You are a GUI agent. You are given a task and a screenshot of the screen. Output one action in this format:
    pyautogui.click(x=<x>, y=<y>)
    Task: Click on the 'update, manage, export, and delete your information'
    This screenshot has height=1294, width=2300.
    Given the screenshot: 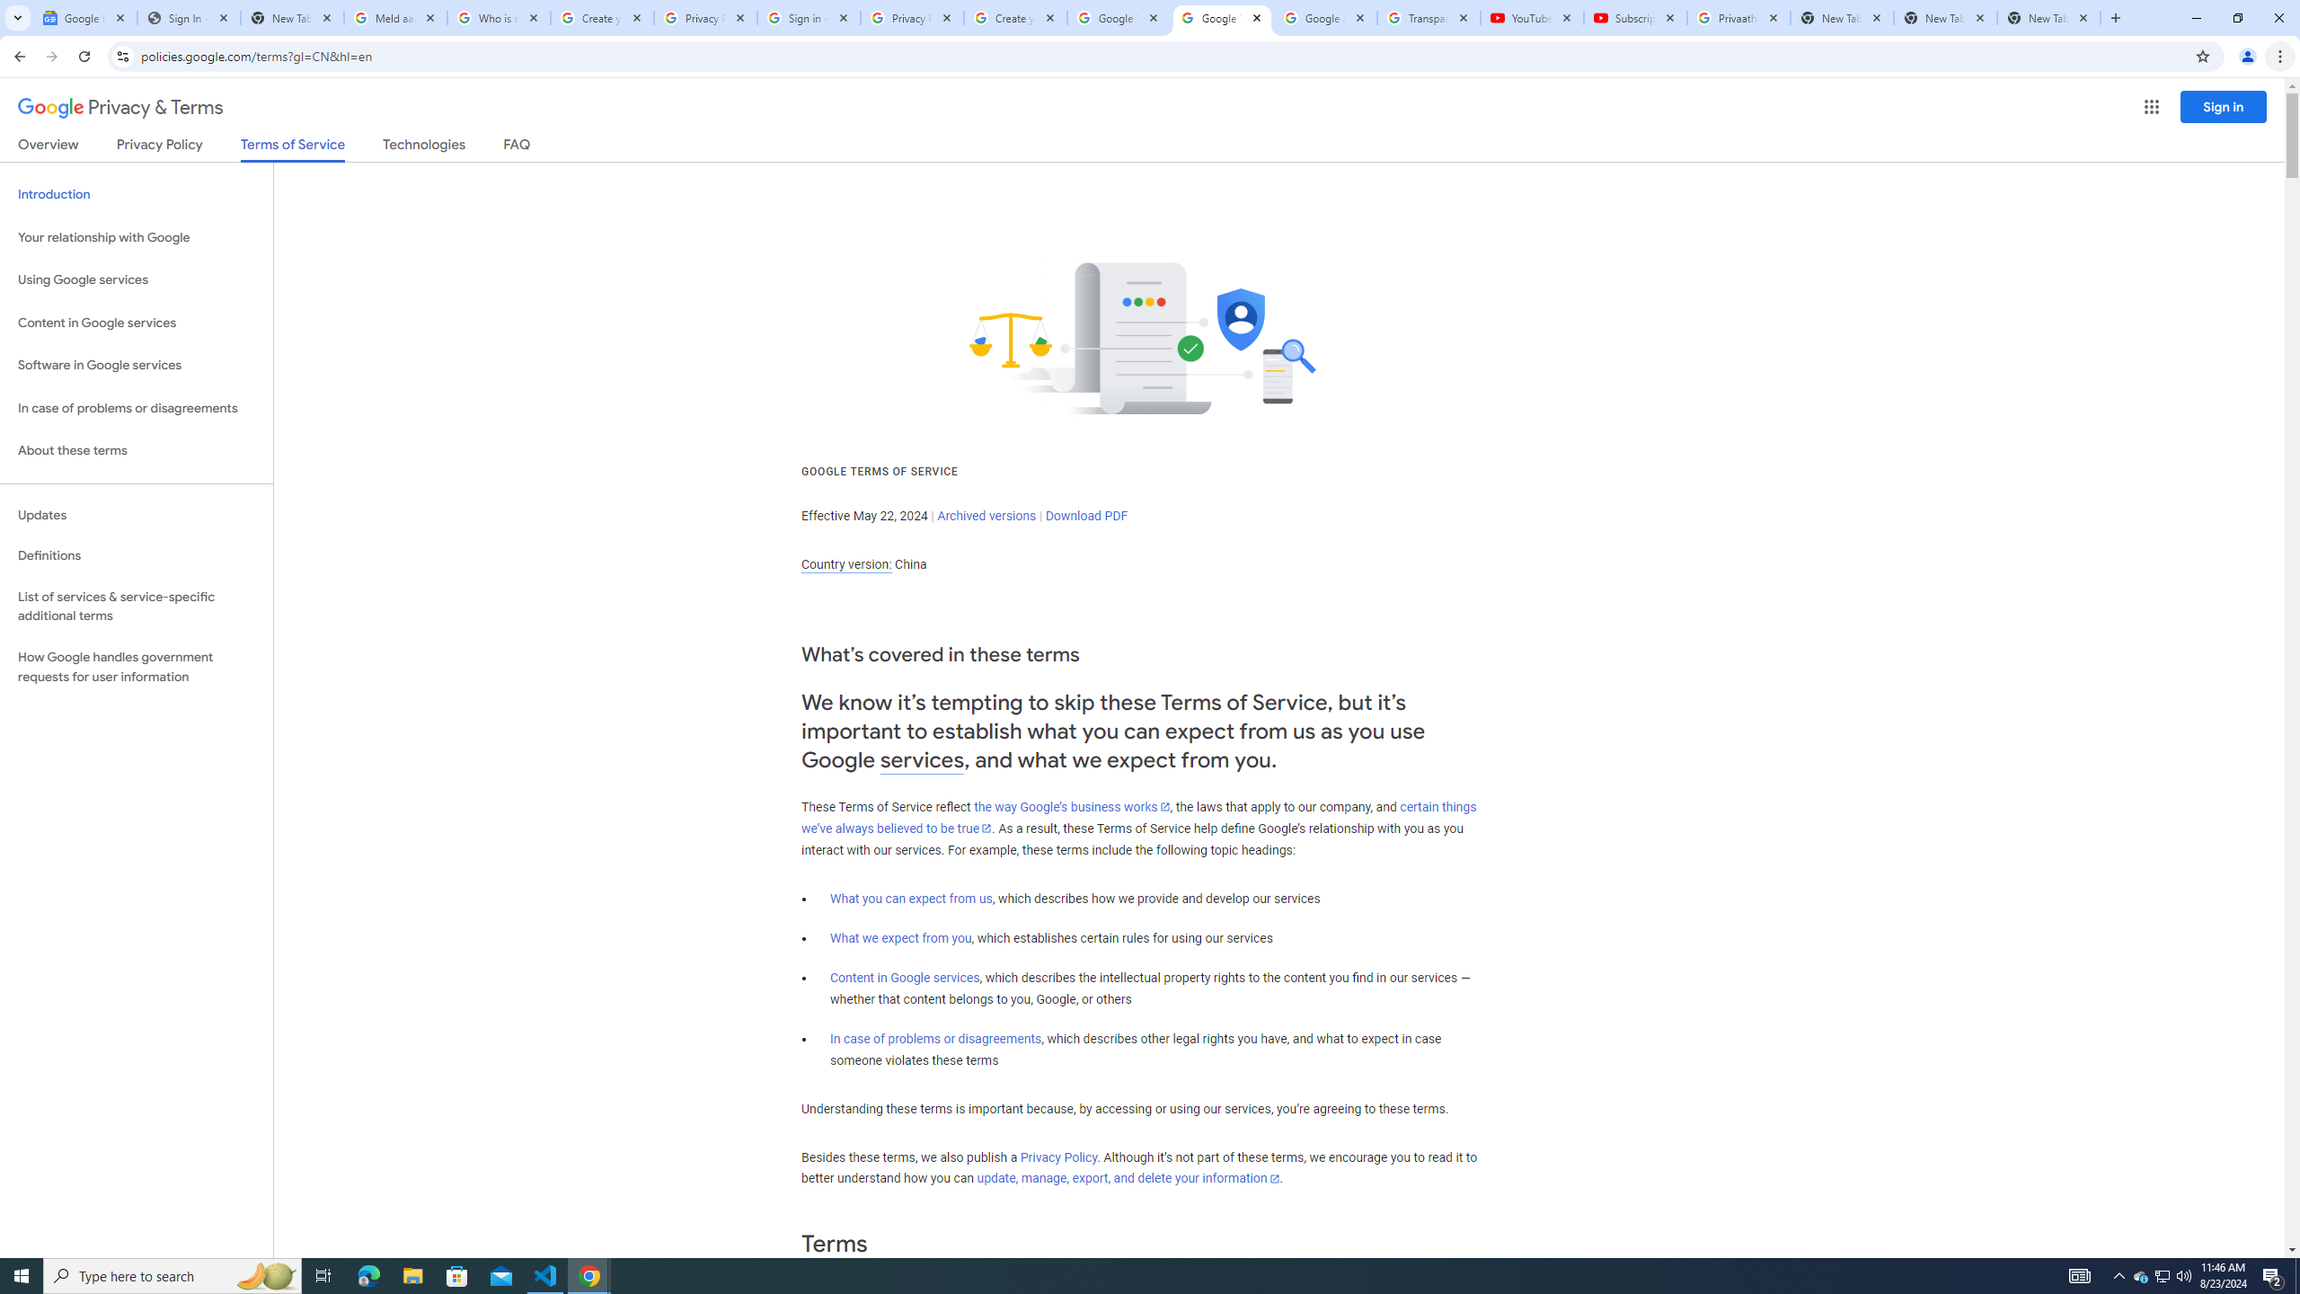 What is the action you would take?
    pyautogui.click(x=1128, y=1177)
    